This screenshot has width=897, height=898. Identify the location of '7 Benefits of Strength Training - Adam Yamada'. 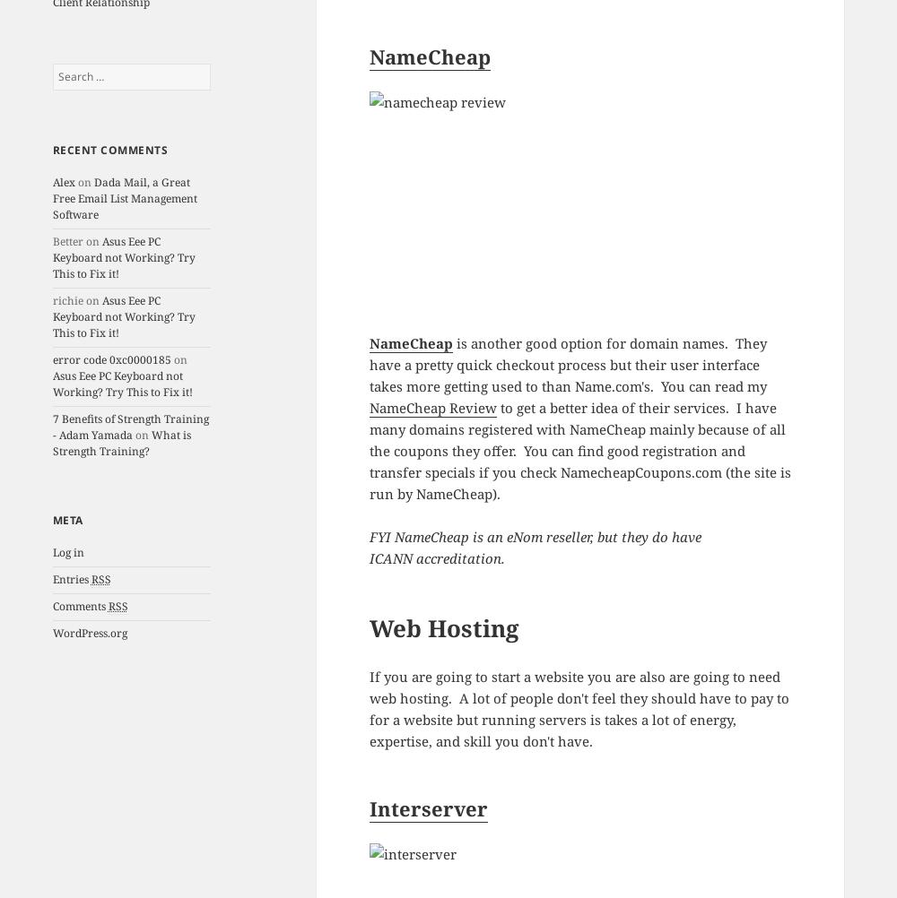
(130, 426).